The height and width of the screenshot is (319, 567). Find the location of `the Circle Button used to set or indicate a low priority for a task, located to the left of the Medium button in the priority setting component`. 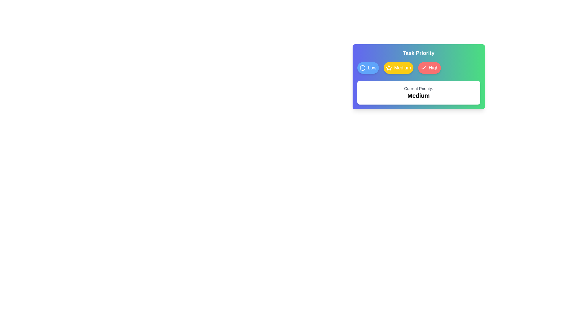

the Circle Button used to set or indicate a low priority for a task, located to the left of the Medium button in the priority setting component is located at coordinates (368, 68).